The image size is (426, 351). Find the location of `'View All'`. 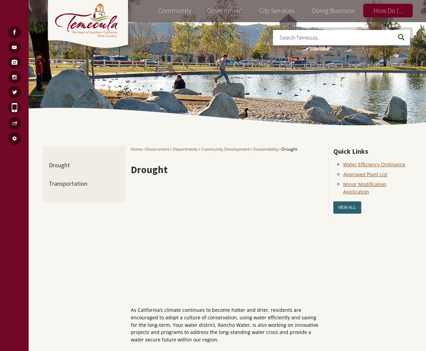

'View All' is located at coordinates (347, 207).